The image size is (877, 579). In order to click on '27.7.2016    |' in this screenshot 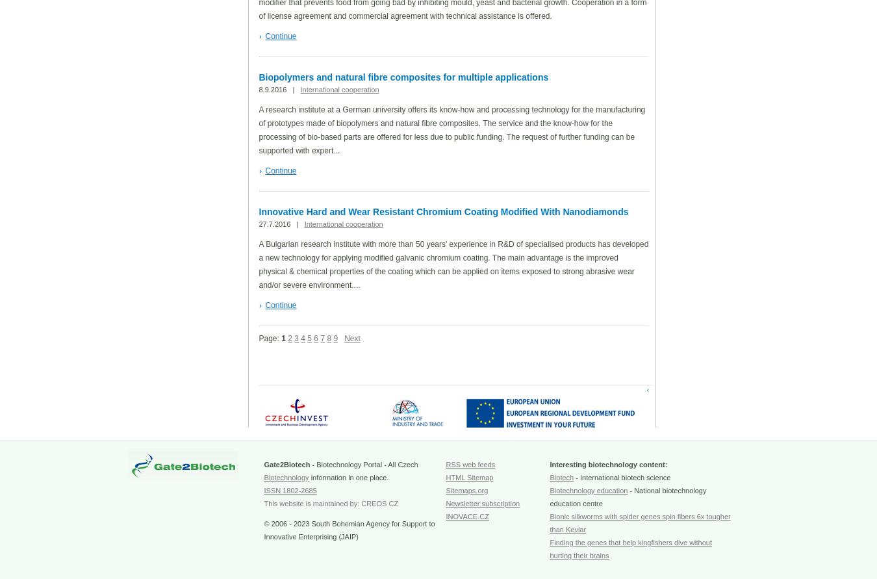, I will do `click(281, 223)`.